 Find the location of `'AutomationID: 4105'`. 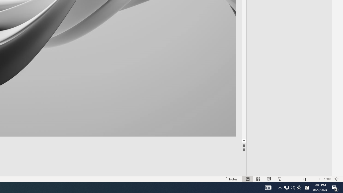

'AutomationID: 4105' is located at coordinates (268, 187).